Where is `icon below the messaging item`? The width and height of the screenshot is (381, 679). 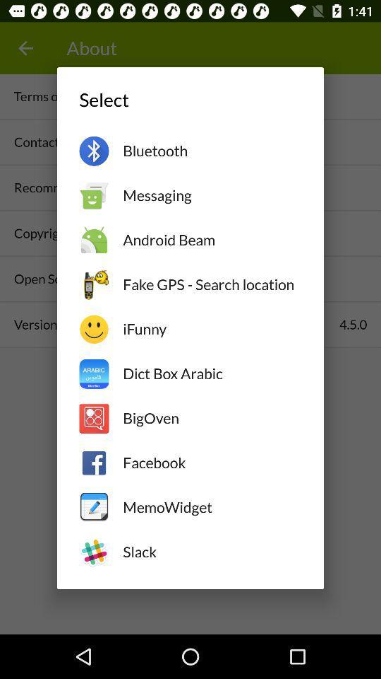 icon below the messaging item is located at coordinates (211, 240).